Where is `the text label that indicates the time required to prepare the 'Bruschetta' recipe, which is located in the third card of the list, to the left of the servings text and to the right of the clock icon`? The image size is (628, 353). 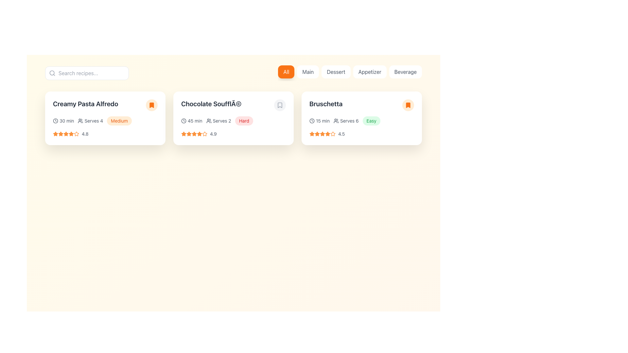
the text label that indicates the time required to prepare the 'Bruschetta' recipe, which is located in the third card of the list, to the left of the servings text and to the right of the clock icon is located at coordinates (323, 121).